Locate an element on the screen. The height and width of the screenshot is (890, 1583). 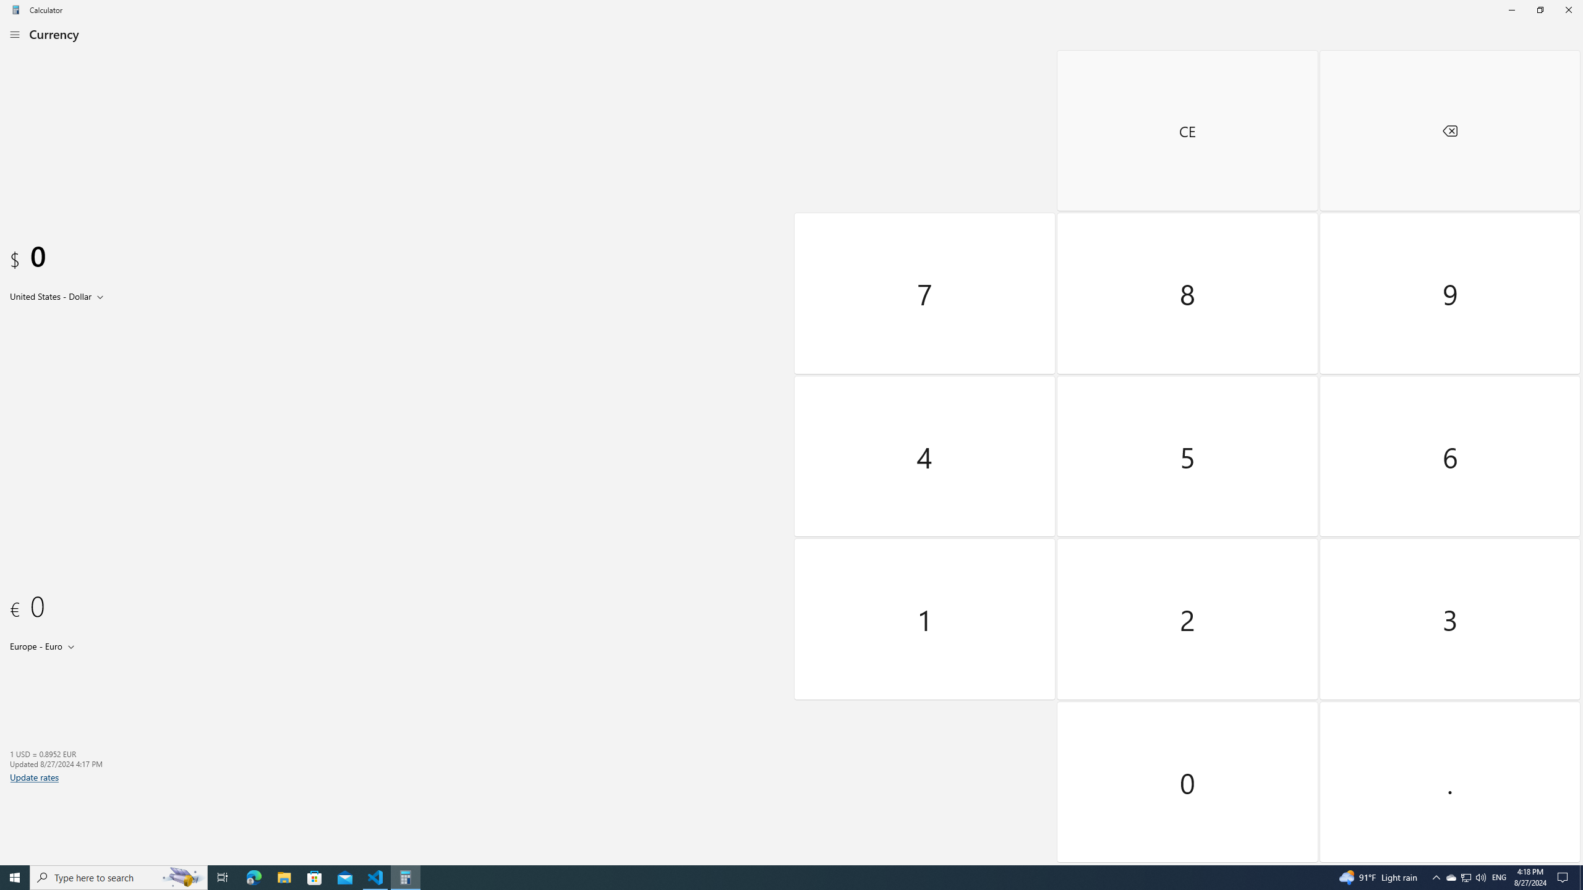
'Minimize Calculator' is located at coordinates (1511, 9).